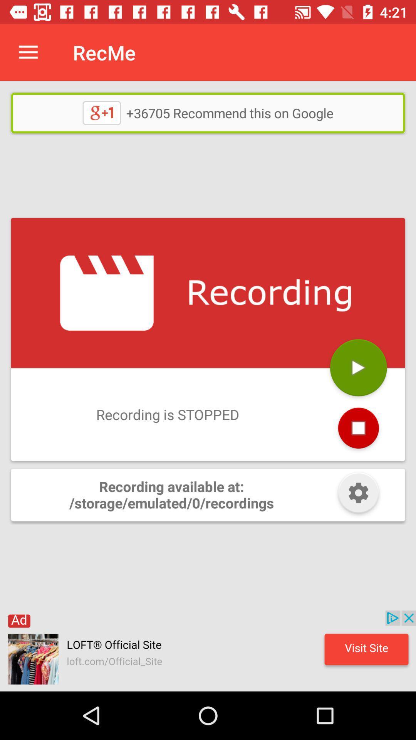 This screenshot has width=416, height=740. What do you see at coordinates (208, 651) in the screenshot?
I see `adsense link` at bounding box center [208, 651].